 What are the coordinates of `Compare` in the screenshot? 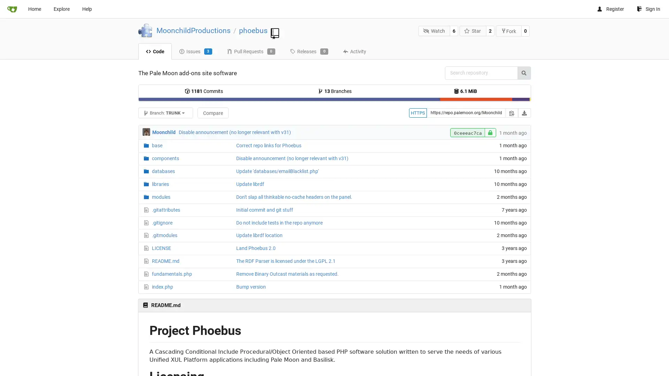 It's located at (212, 112).